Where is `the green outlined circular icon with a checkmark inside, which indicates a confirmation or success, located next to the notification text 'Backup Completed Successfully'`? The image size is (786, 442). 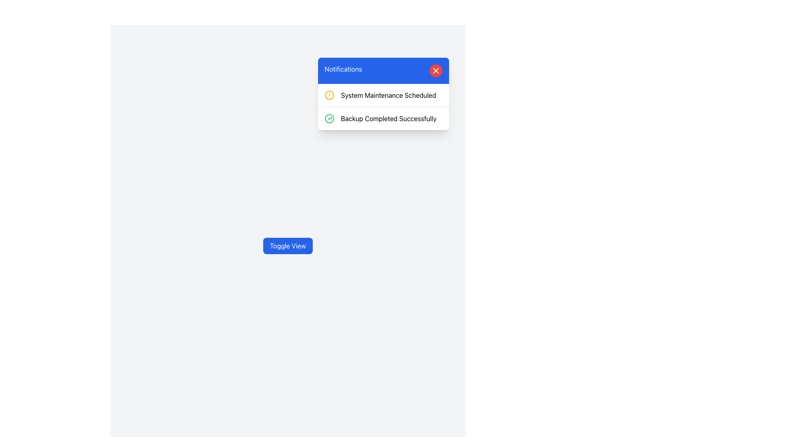 the green outlined circular icon with a checkmark inside, which indicates a confirmation or success, located next to the notification text 'Backup Completed Successfully' is located at coordinates (330, 118).